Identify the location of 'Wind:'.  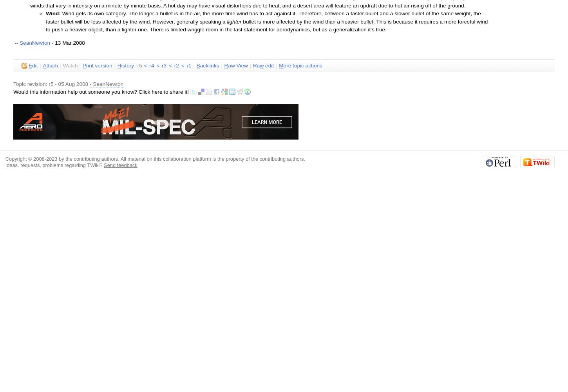
(52, 13).